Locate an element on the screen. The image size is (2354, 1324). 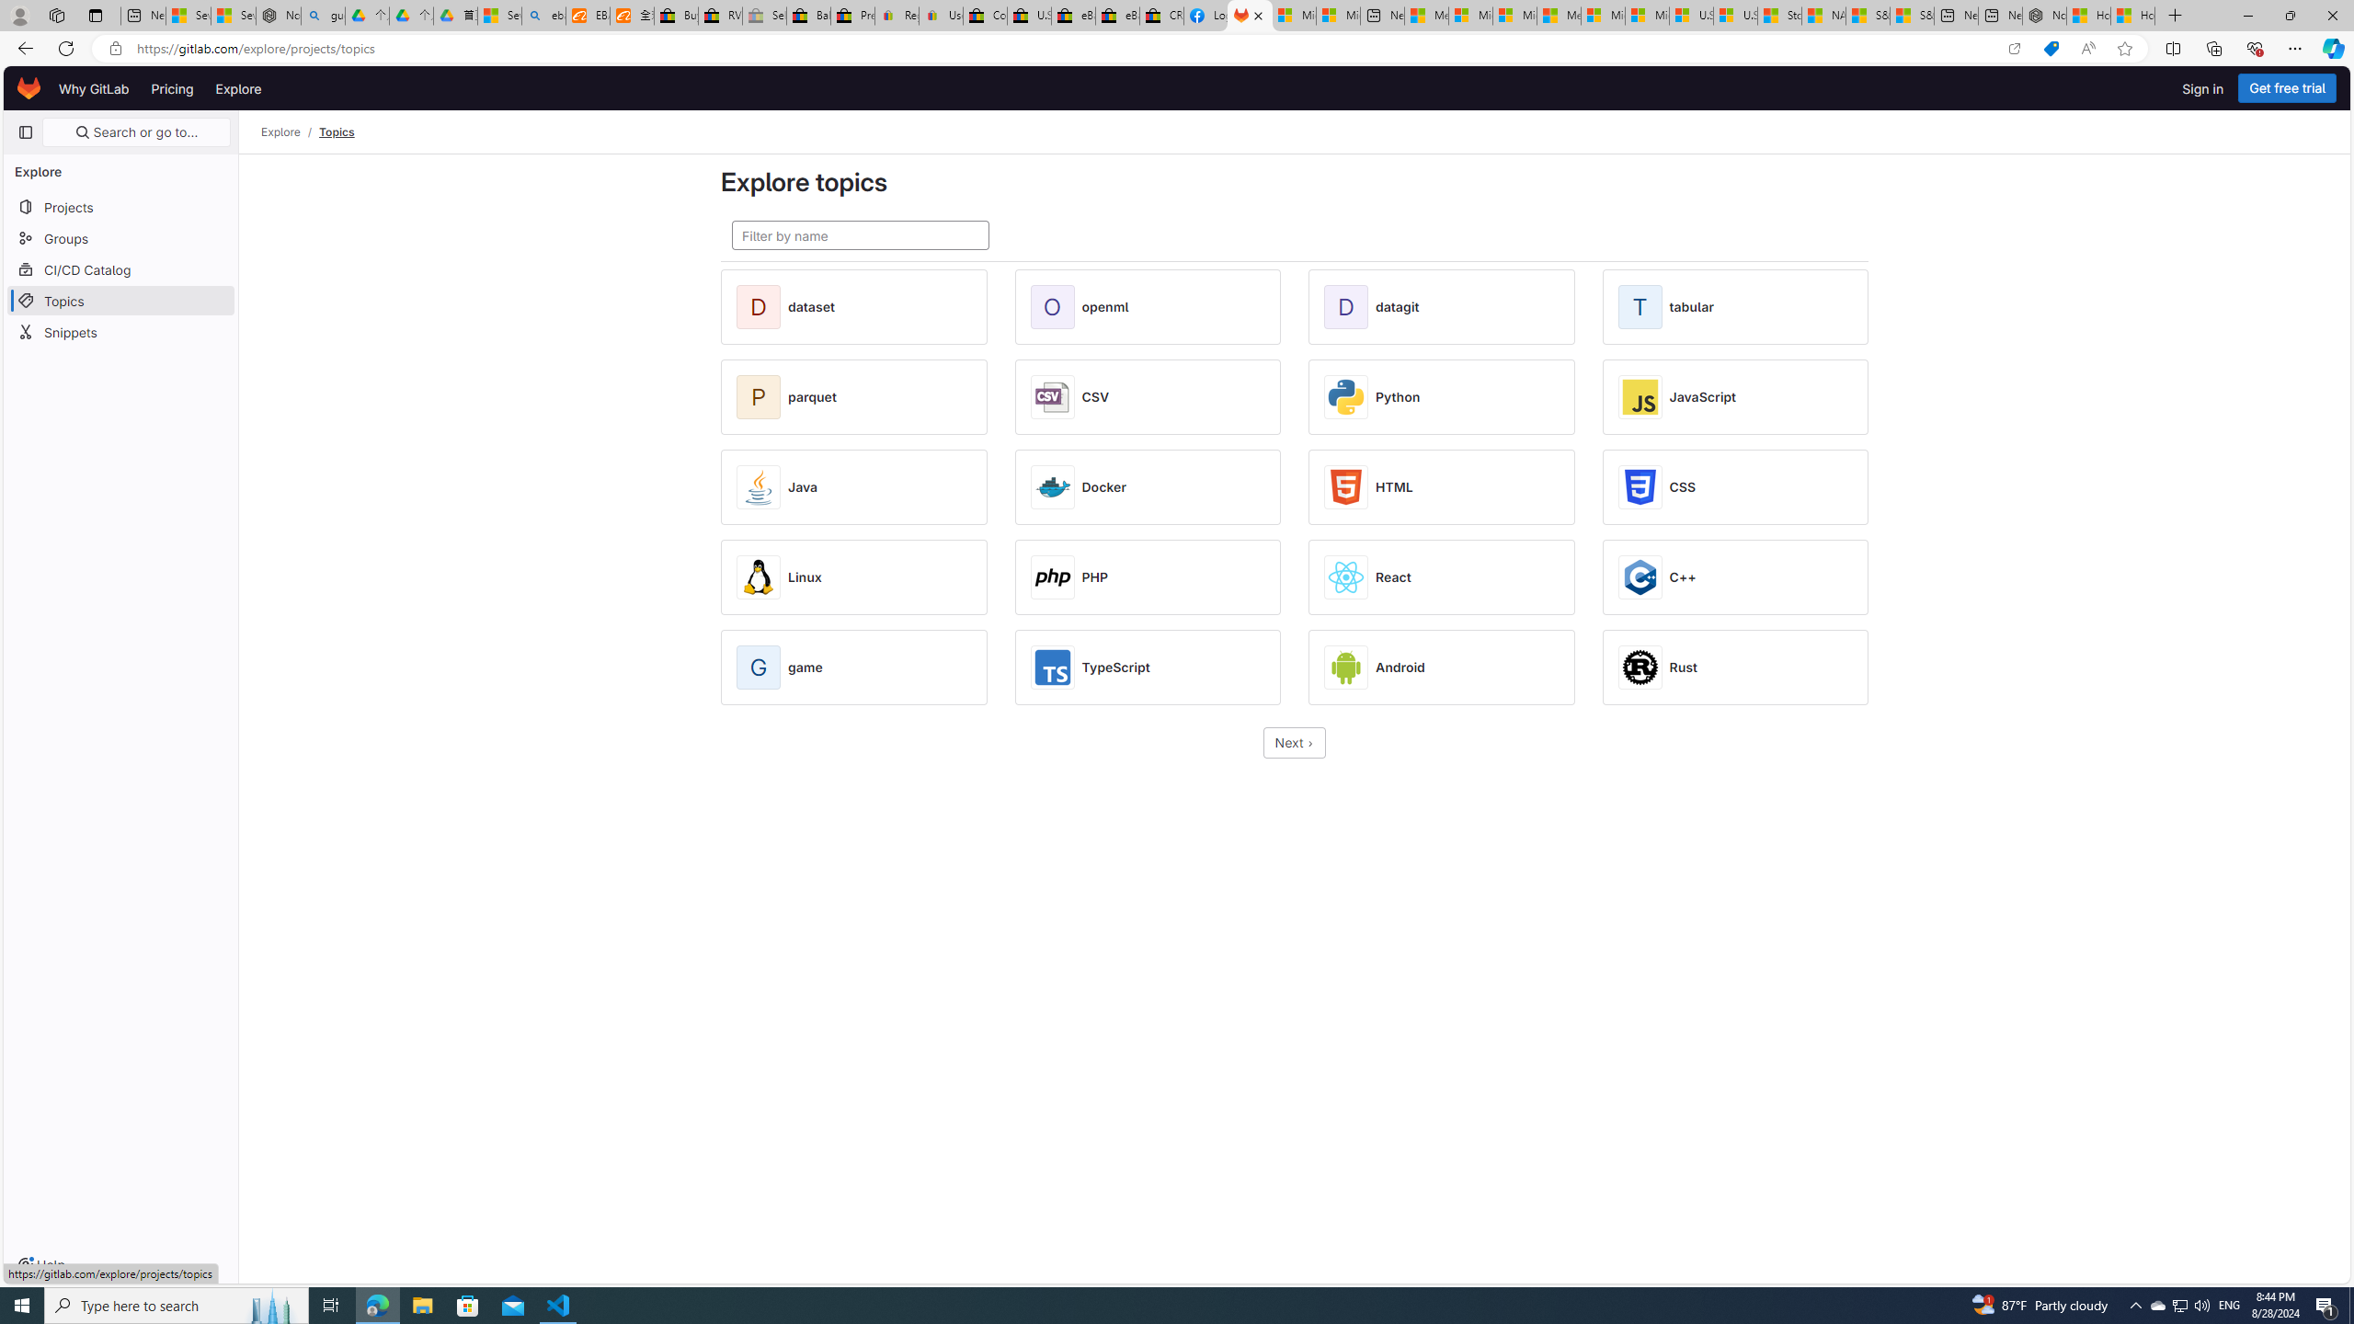
'parquet' is located at coordinates (811, 397).